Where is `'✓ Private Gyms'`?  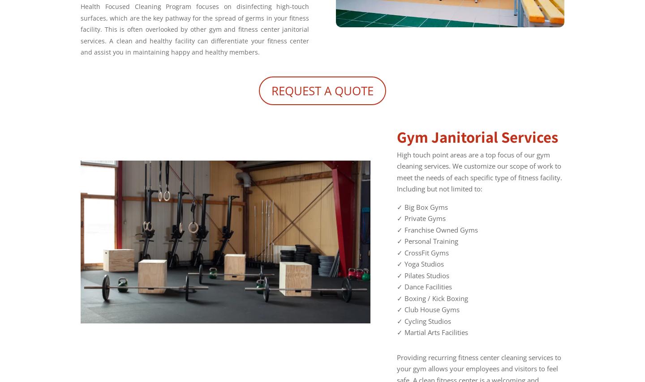
'✓ Private Gyms' is located at coordinates (396, 218).